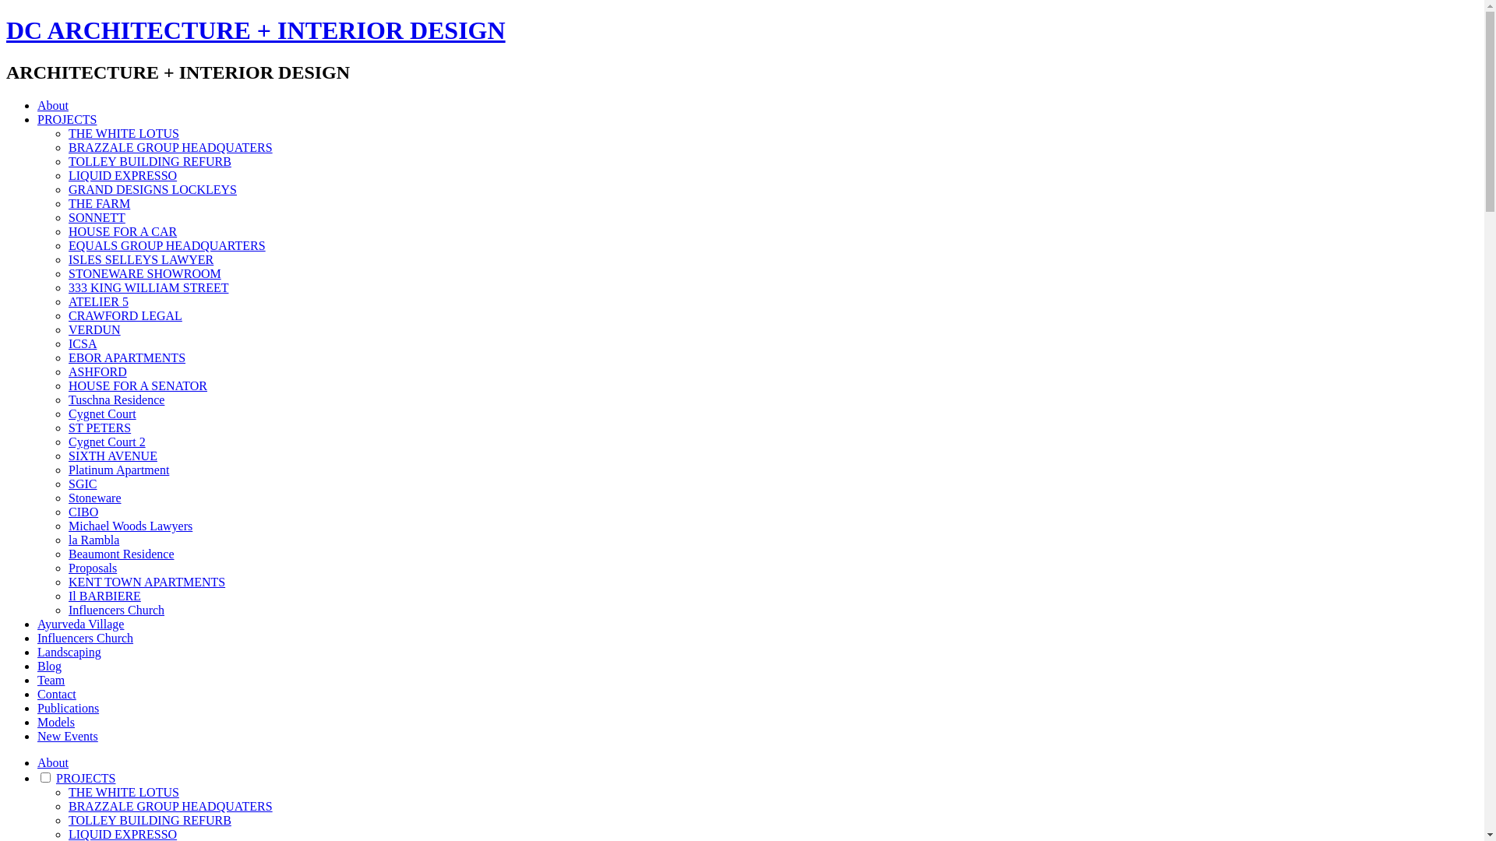  I want to click on 'Team', so click(51, 679).